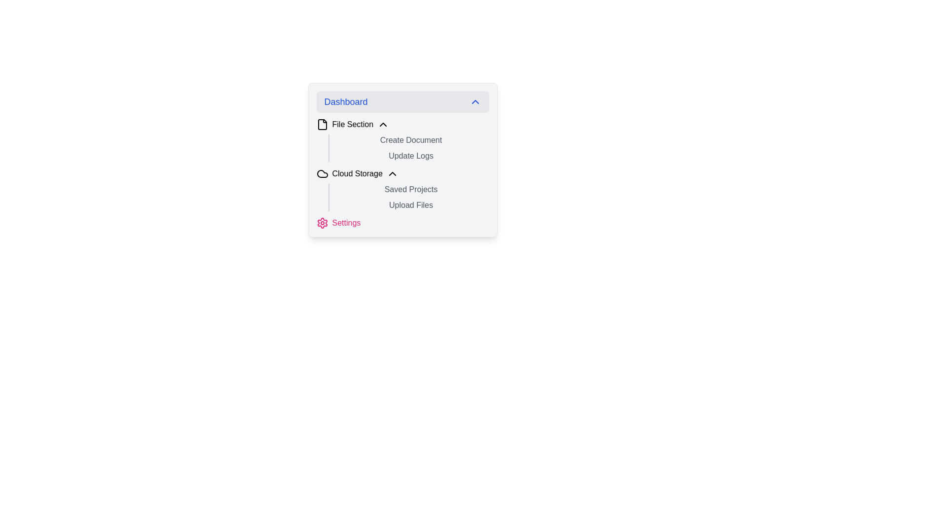 The height and width of the screenshot is (532, 947). Describe the element at coordinates (392, 173) in the screenshot. I see `the upward arrow toggle icon located beside the 'Cloud Storage' label` at that location.